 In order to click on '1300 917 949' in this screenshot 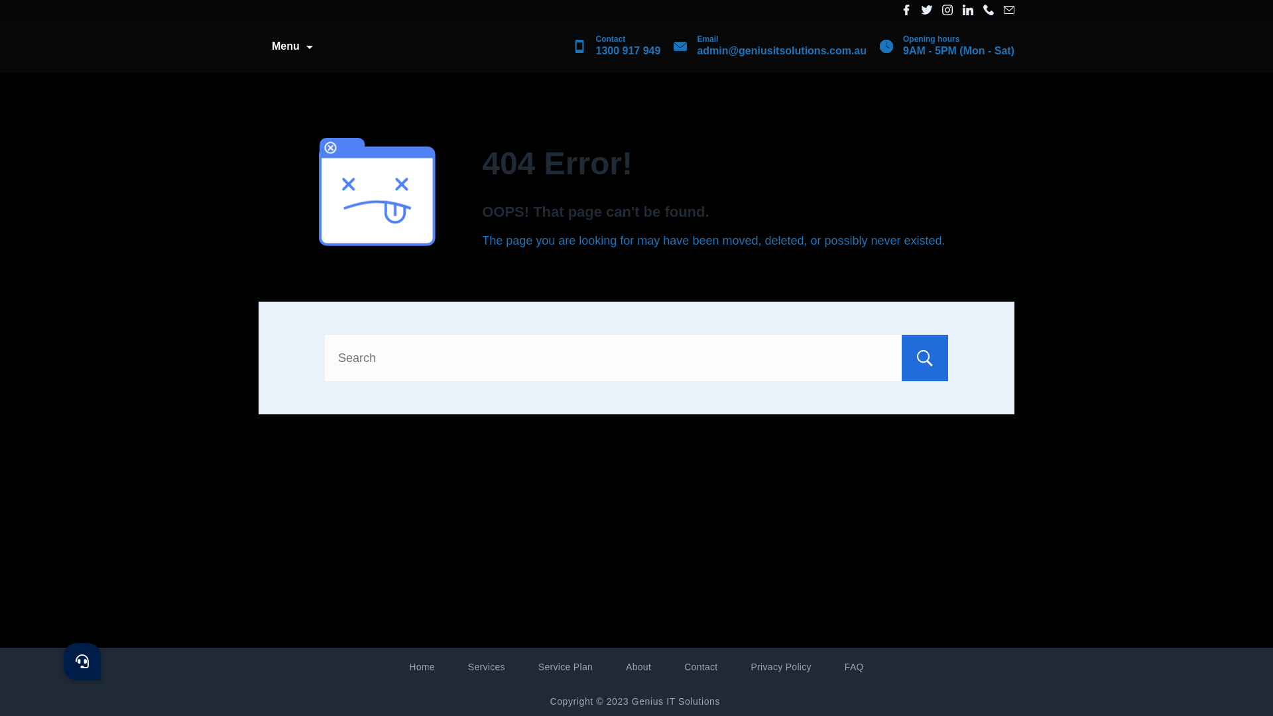, I will do `click(627, 50)`.